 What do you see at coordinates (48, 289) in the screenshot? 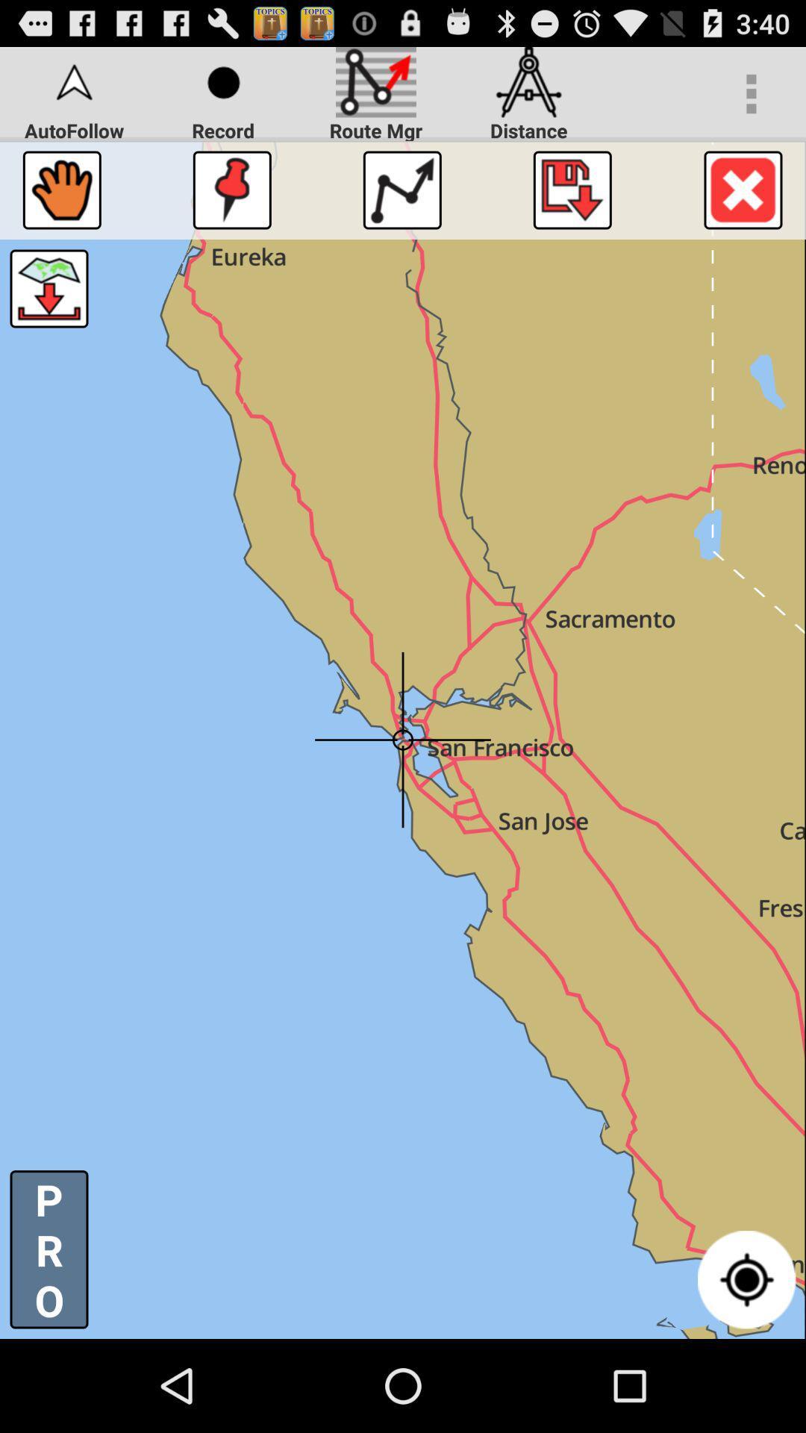
I see `download this map` at bounding box center [48, 289].